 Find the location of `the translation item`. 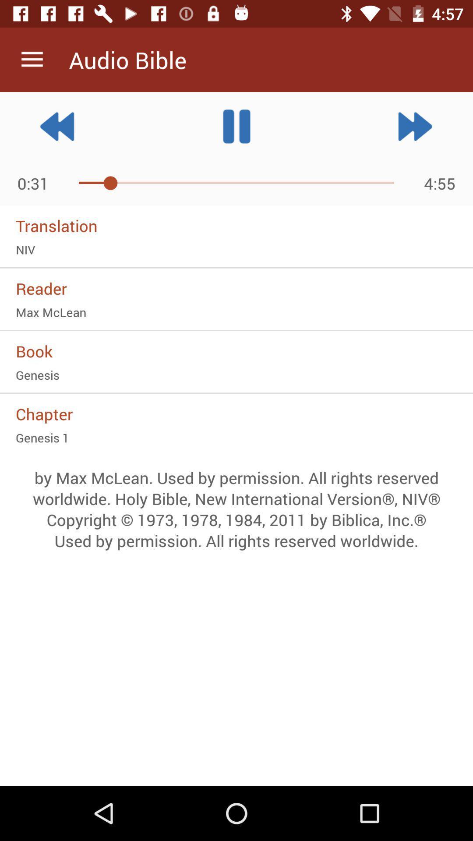

the translation item is located at coordinates (236, 226).